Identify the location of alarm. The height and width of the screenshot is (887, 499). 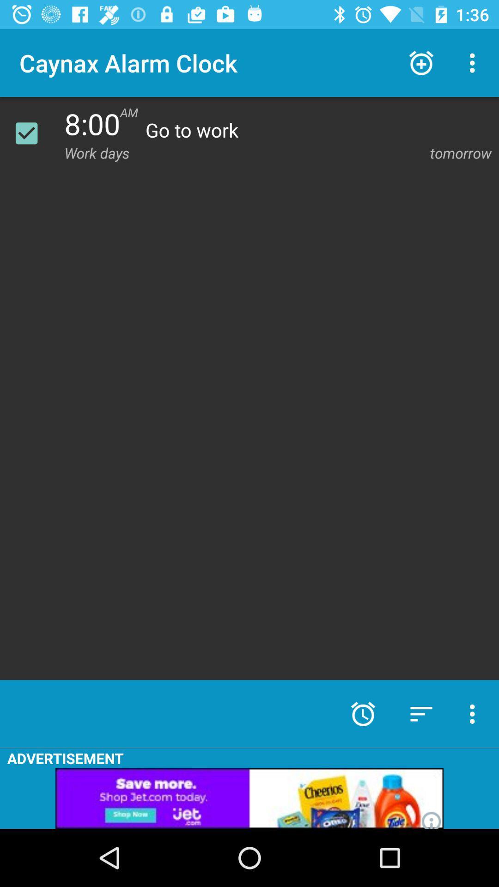
(32, 133).